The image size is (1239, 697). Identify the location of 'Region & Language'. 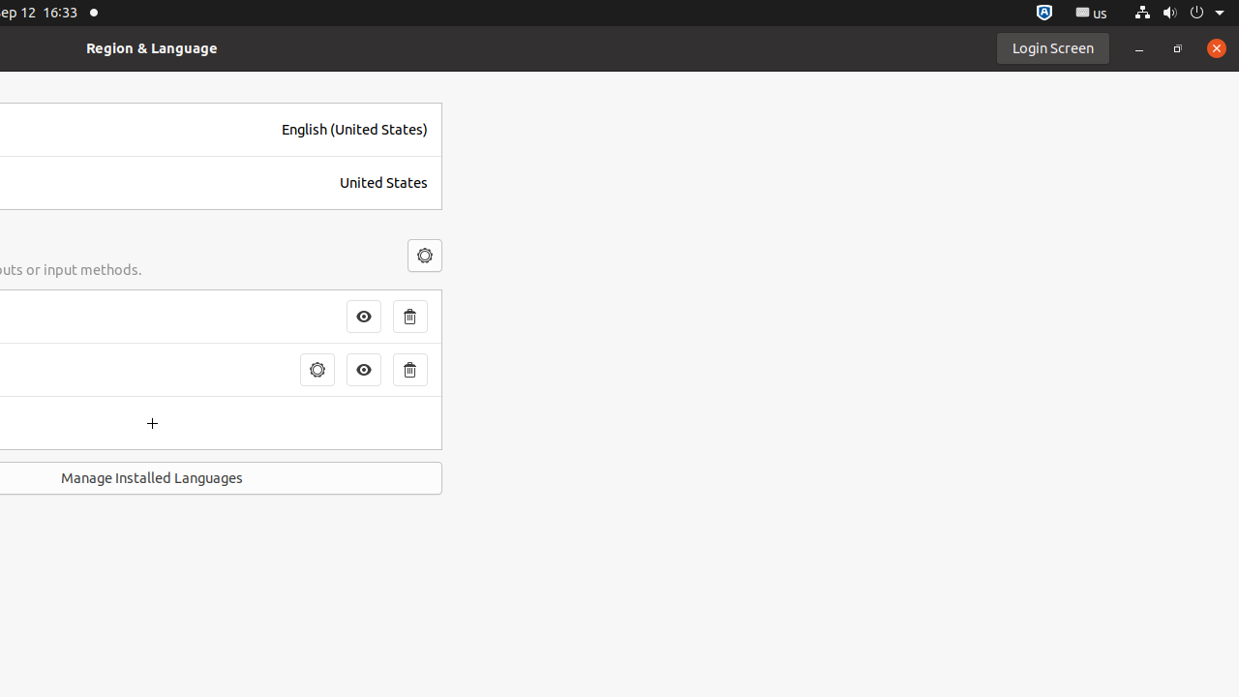
(151, 46).